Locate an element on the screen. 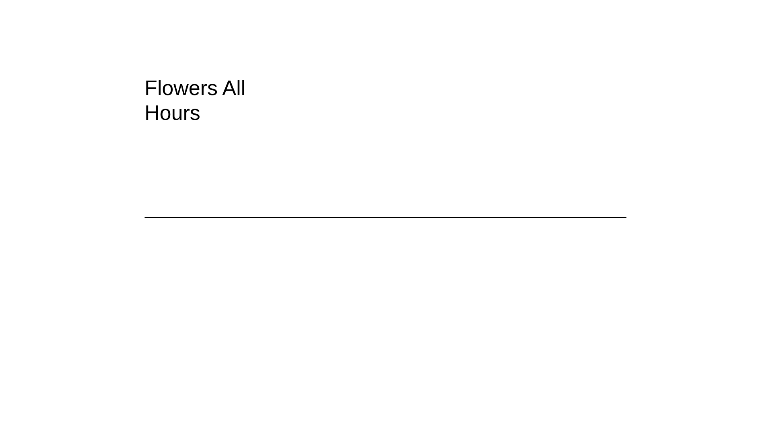  'Flowers All Hours' is located at coordinates (222, 100).